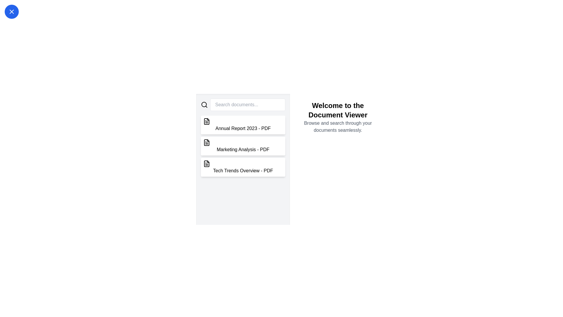  Describe the element at coordinates (247, 104) in the screenshot. I see `the search input field to focus it` at that location.